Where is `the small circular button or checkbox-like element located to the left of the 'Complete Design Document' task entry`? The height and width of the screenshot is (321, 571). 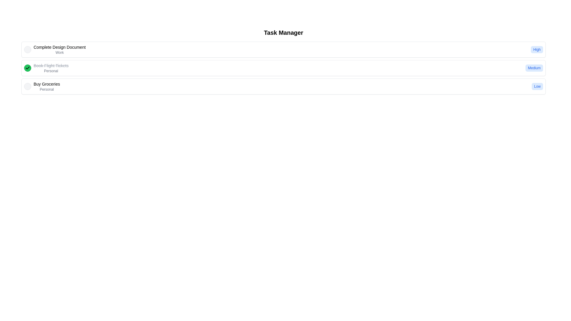 the small circular button or checkbox-like element located to the left of the 'Complete Design Document' task entry is located at coordinates (27, 49).